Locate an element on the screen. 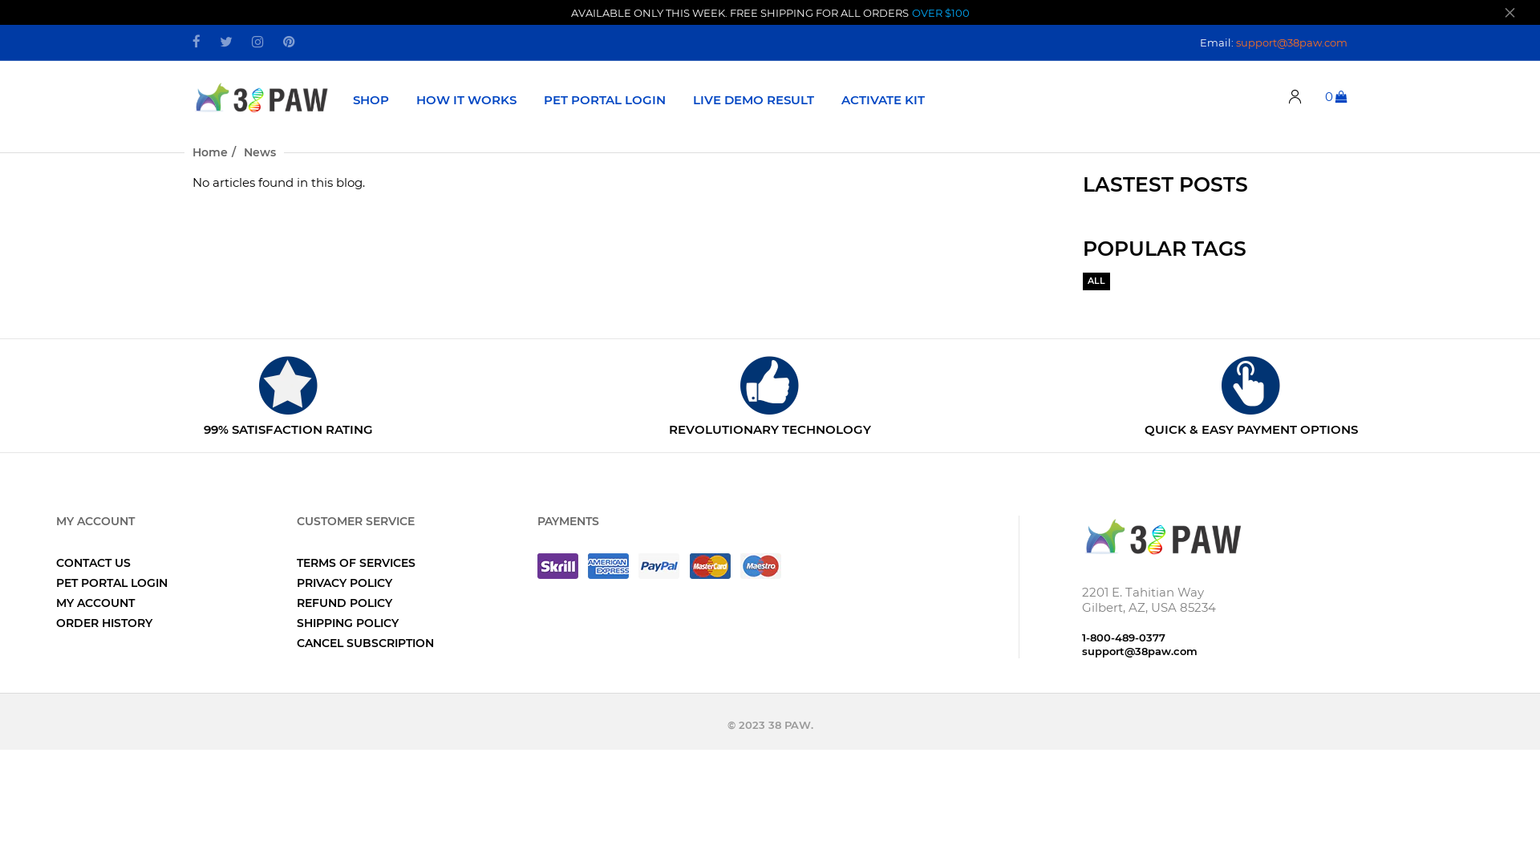 Image resolution: width=1540 pixels, height=866 pixels. 'SHIPPING POLICY' is located at coordinates (346, 621).